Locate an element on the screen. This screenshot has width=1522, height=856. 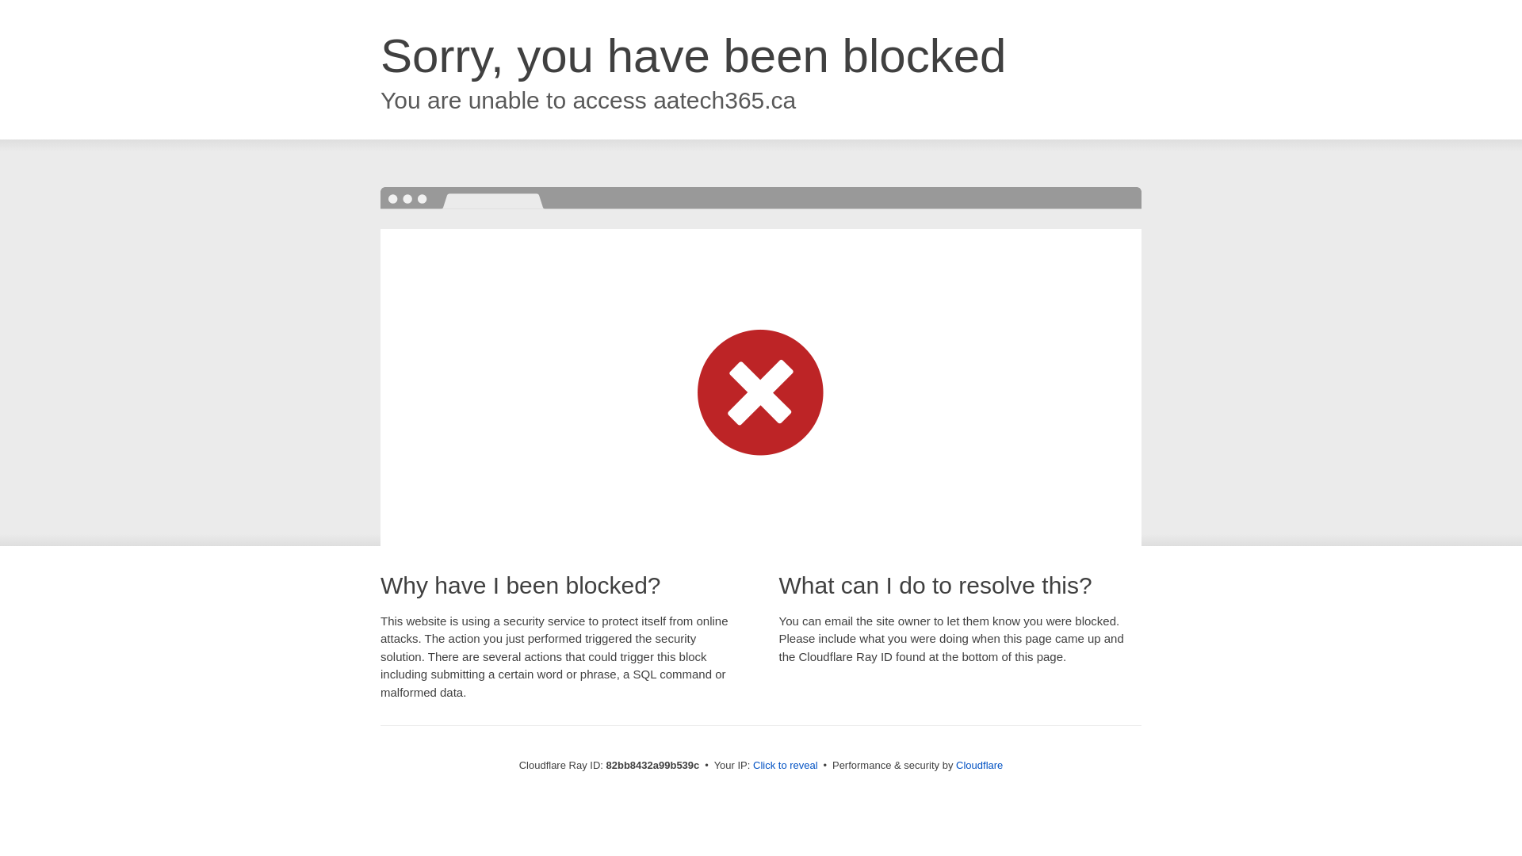
'Cloudflare' is located at coordinates (978, 764).